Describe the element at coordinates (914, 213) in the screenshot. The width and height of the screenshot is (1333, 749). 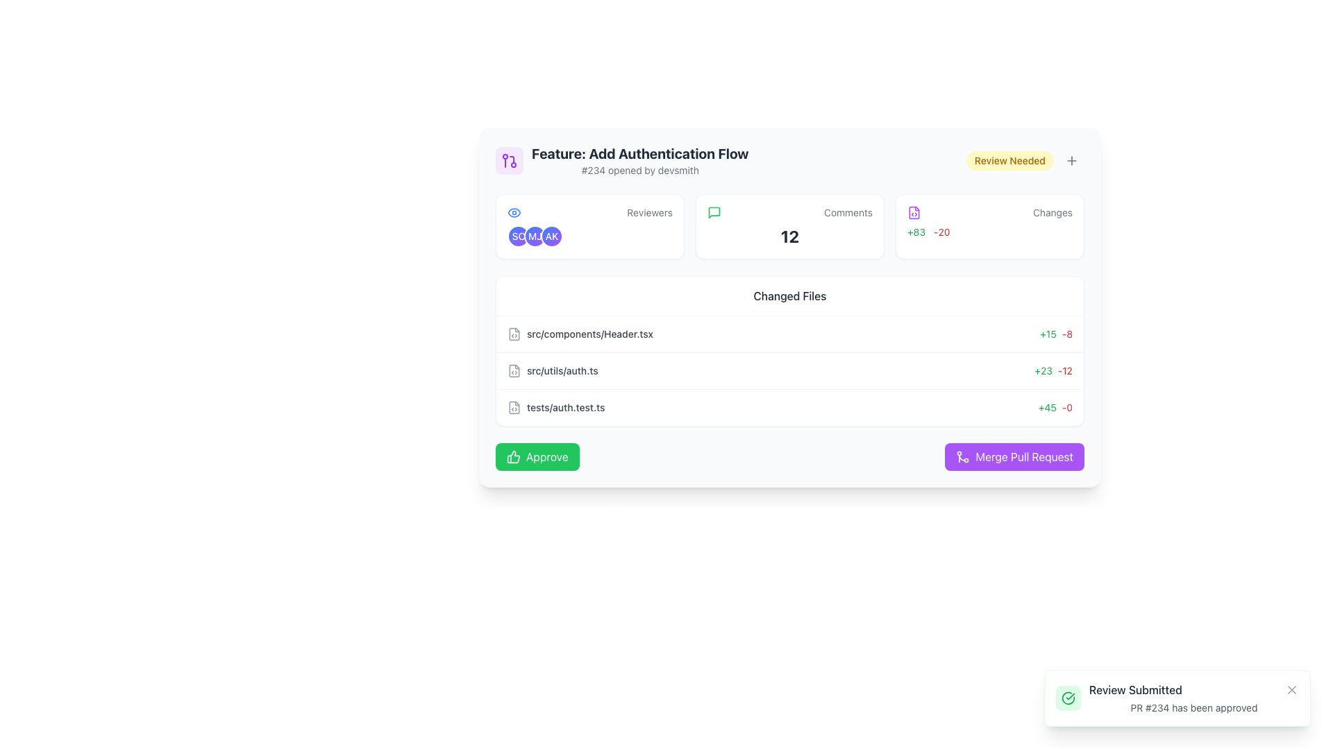
I see `the icon that indicates changes made in code files, located in the top right section under the title 'Changes'` at that location.